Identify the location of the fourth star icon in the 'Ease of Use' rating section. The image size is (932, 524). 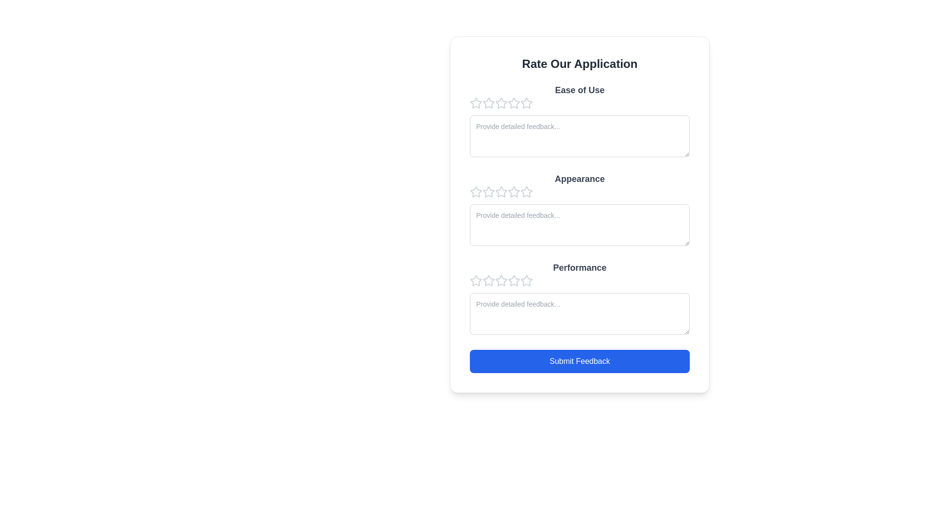
(526, 103).